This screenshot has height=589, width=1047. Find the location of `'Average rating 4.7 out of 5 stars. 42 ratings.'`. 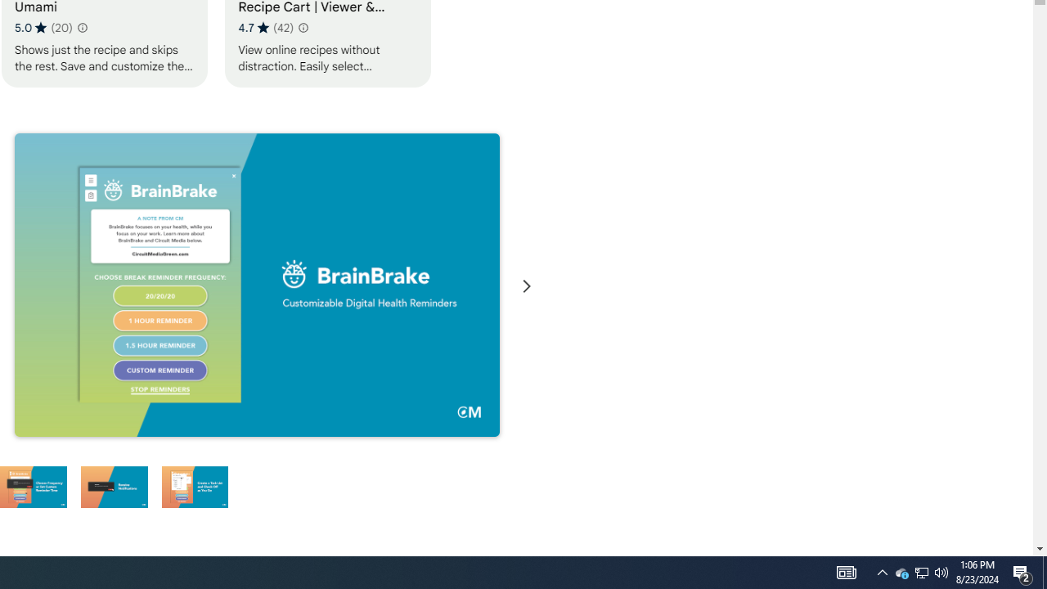

'Average rating 4.7 out of 5 stars. 42 ratings.' is located at coordinates (266, 27).